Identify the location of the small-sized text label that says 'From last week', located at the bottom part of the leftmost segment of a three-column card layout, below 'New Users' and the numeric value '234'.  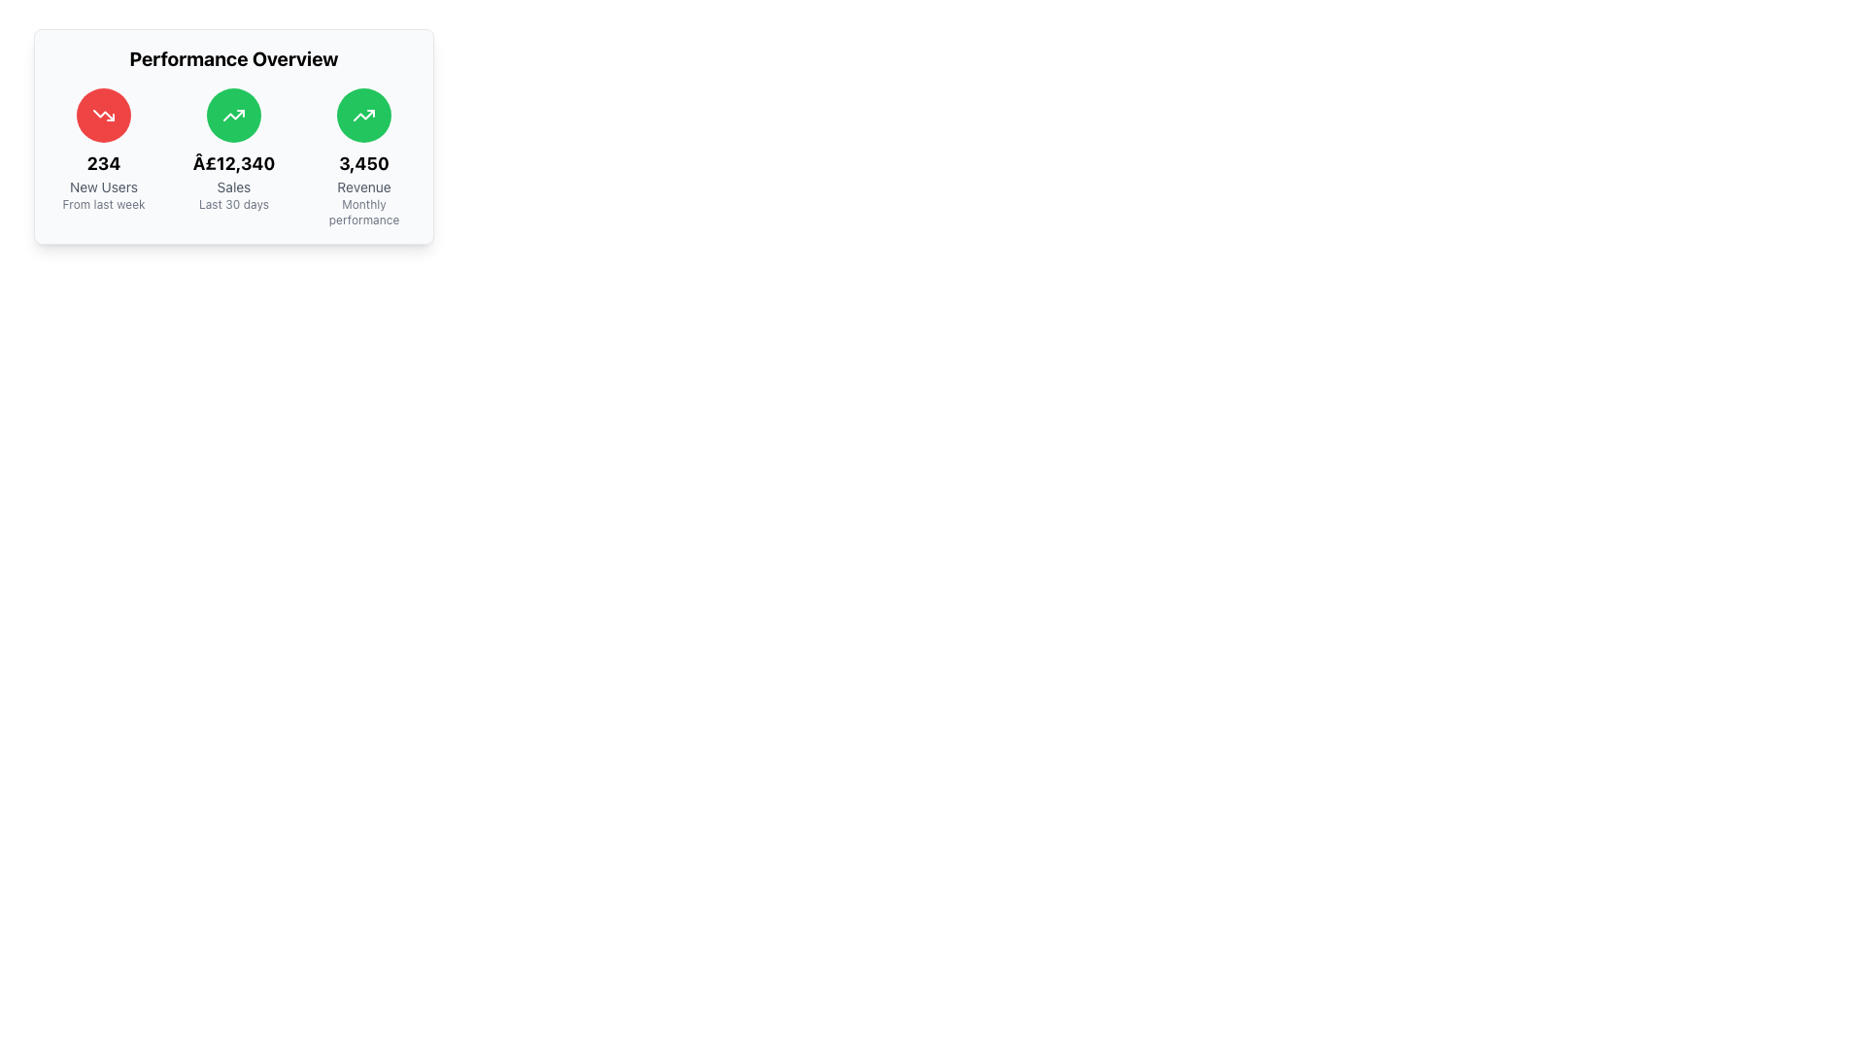
(102, 205).